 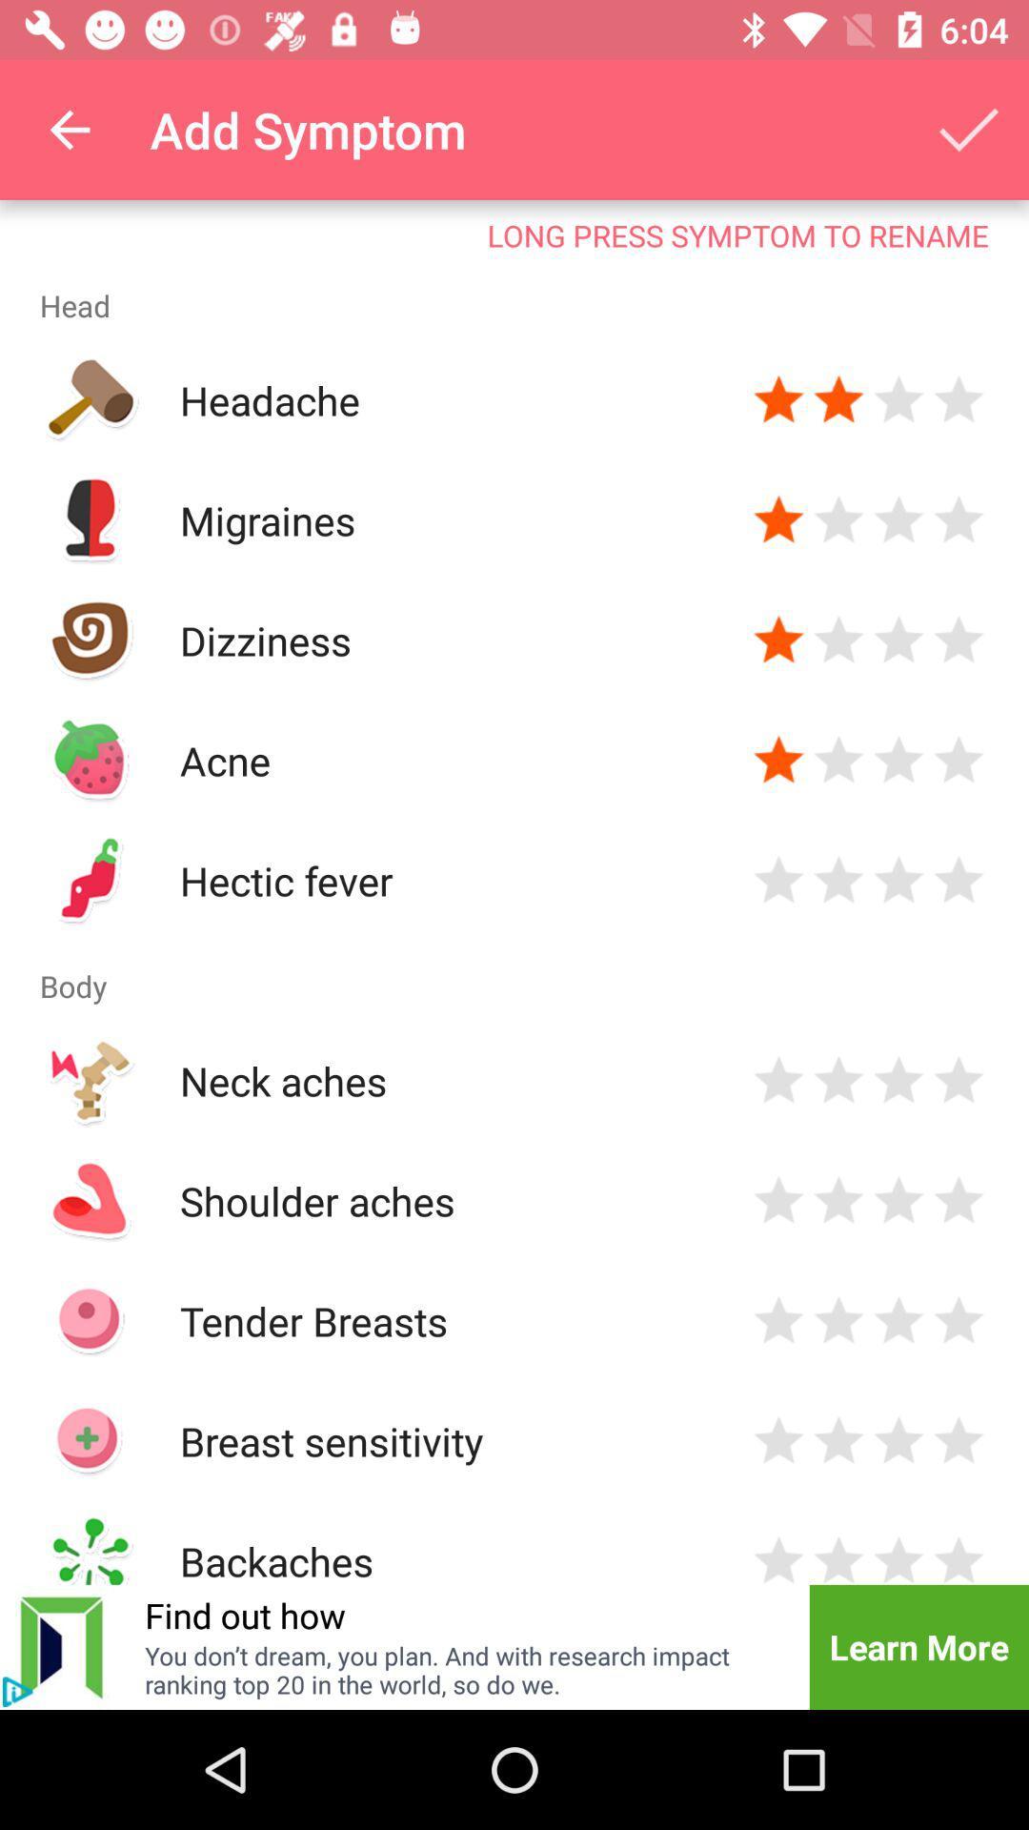 What do you see at coordinates (958, 1441) in the screenshot?
I see `rate button` at bounding box center [958, 1441].